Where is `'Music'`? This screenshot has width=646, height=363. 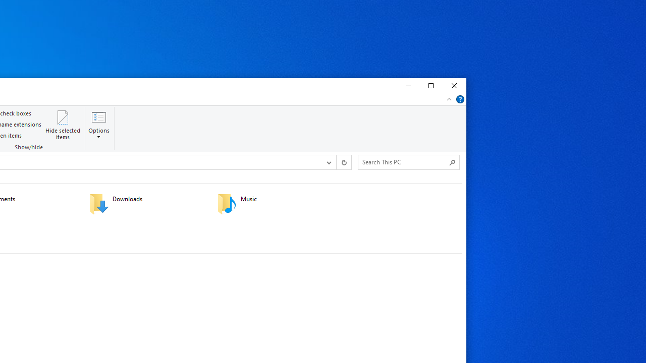 'Music' is located at coordinates (275, 203).